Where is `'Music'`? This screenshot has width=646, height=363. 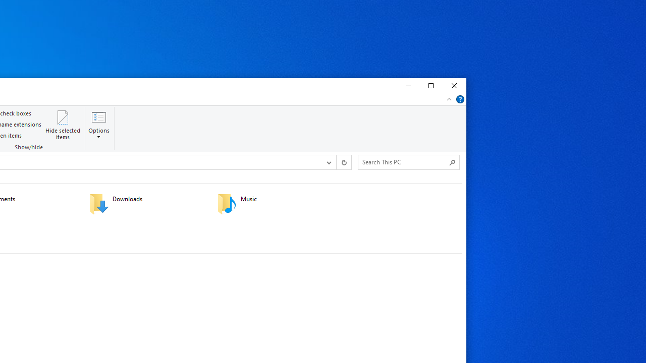 'Music' is located at coordinates (275, 203).